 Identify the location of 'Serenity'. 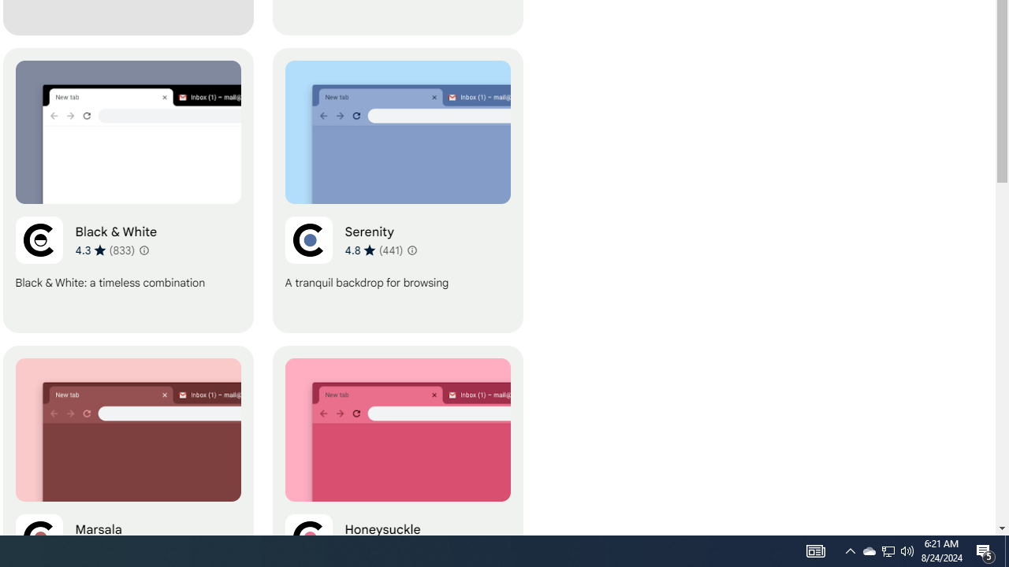
(397, 190).